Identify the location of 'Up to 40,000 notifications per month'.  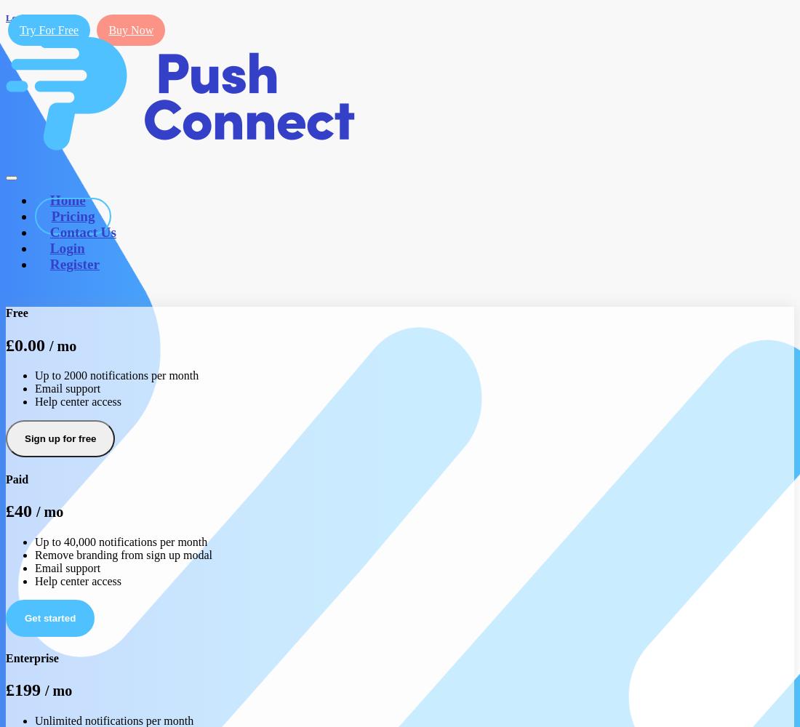
(120, 540).